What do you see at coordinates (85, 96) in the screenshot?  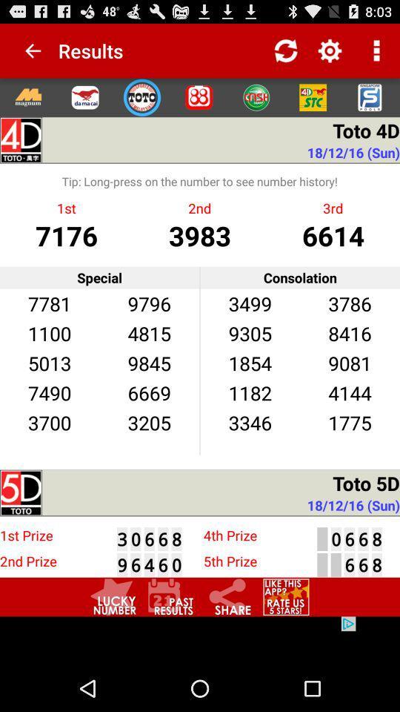 I see `open app` at bounding box center [85, 96].